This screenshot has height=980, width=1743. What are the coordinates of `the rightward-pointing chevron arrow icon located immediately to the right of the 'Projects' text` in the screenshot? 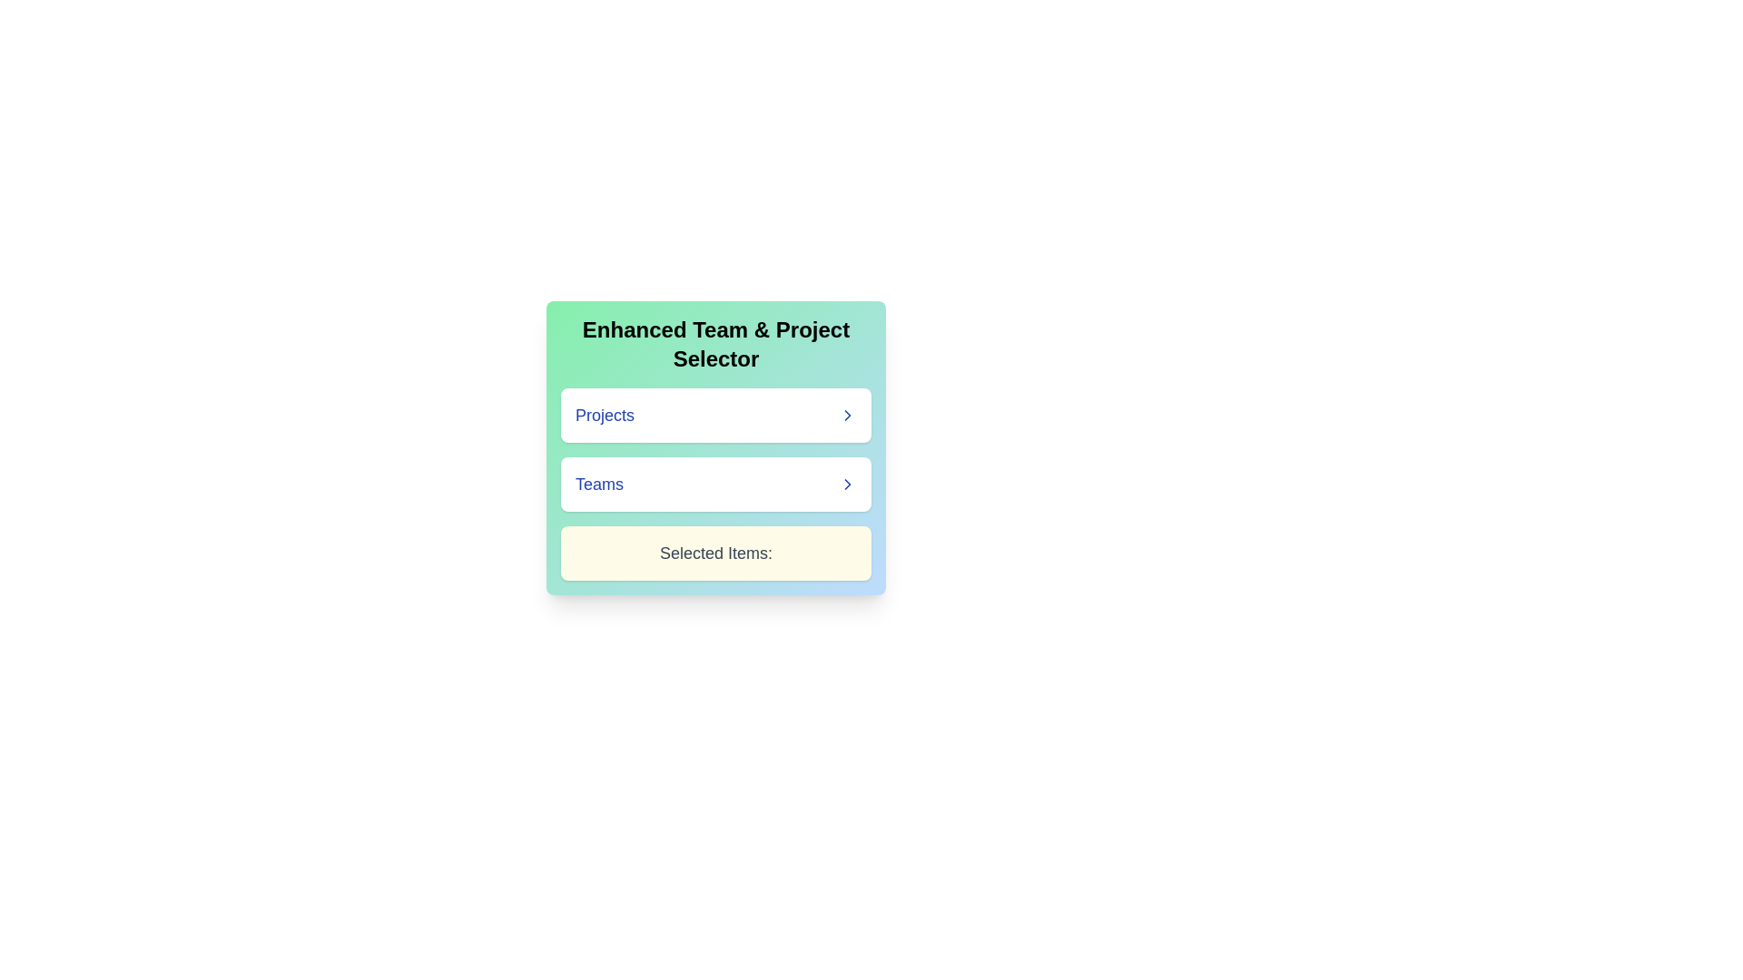 It's located at (847, 416).